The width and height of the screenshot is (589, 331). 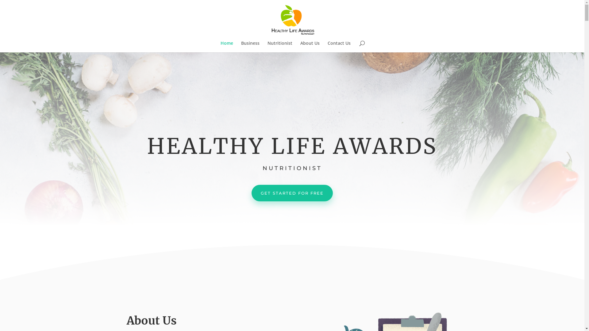 I want to click on 'GET STARTED FOR FREE', so click(x=292, y=192).